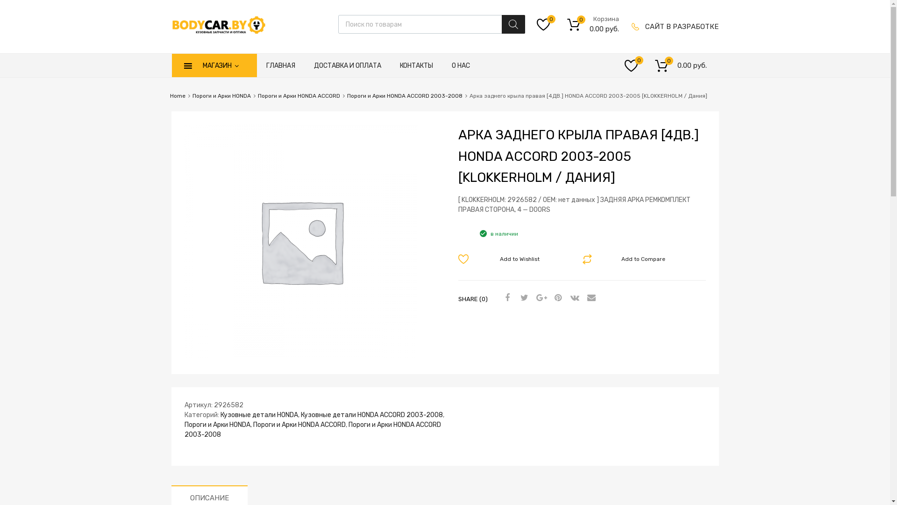 The height and width of the screenshot is (505, 897). What do you see at coordinates (178, 95) in the screenshot?
I see `'Home'` at bounding box center [178, 95].